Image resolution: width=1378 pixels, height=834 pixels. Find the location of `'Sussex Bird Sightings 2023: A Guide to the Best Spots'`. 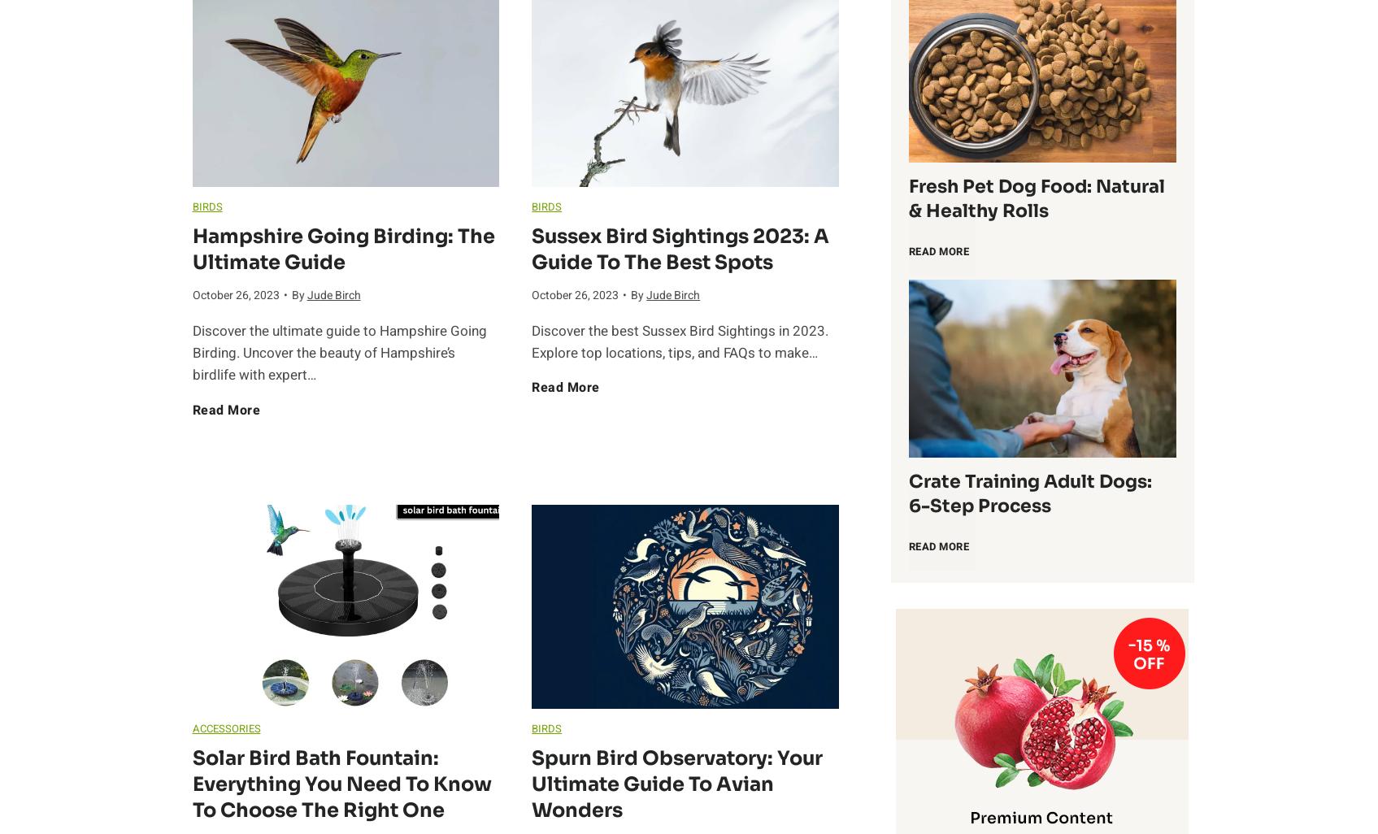

'Sussex Bird Sightings 2023: A Guide to the Best Spots' is located at coordinates (680, 247).